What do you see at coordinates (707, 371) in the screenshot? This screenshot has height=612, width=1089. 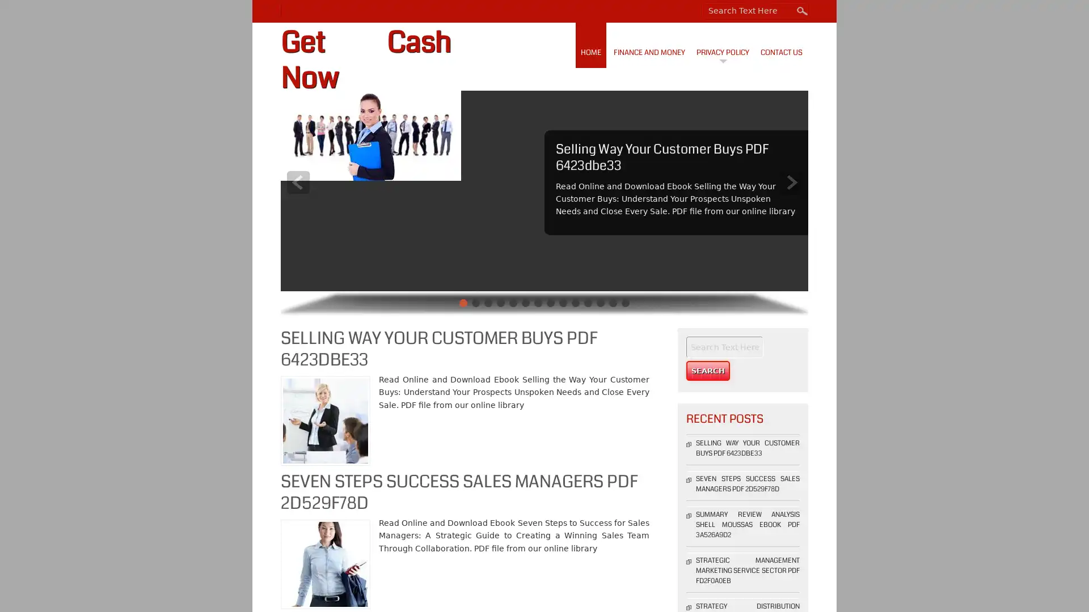 I see `Search` at bounding box center [707, 371].